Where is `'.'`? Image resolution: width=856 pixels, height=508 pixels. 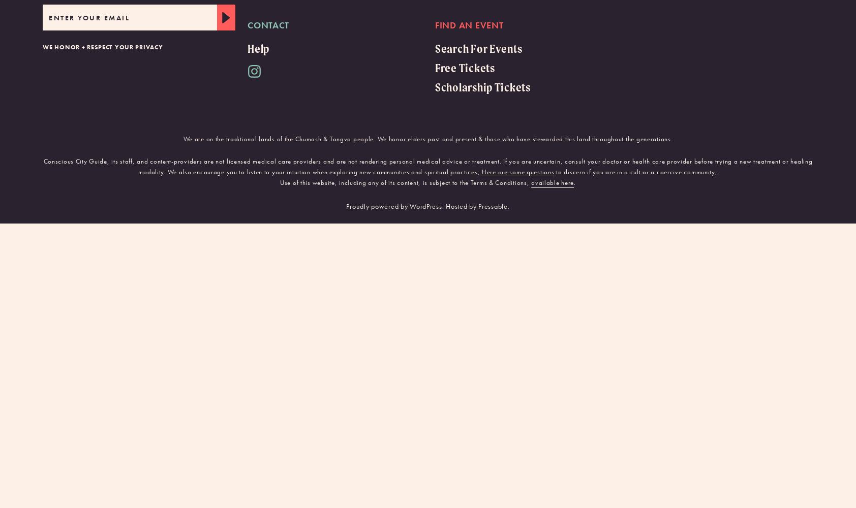 '.' is located at coordinates (574, 182).